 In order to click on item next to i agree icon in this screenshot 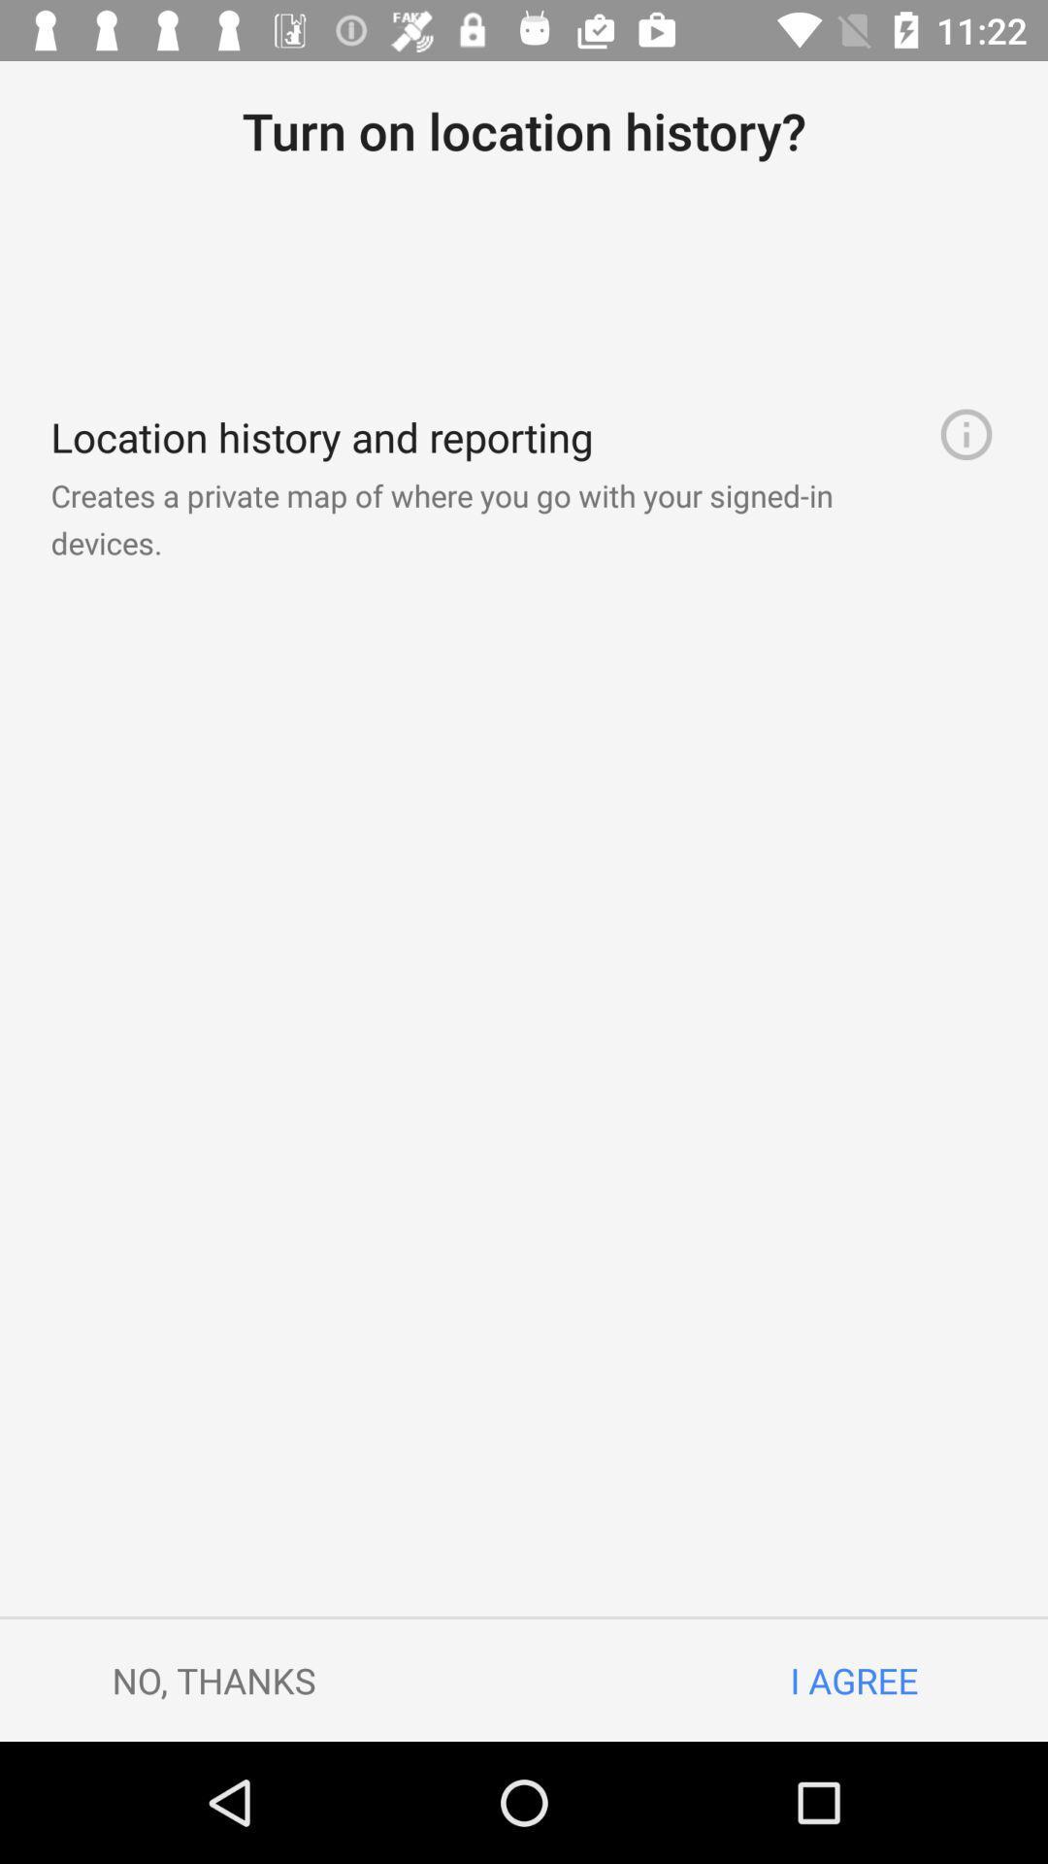, I will do `click(213, 1680)`.